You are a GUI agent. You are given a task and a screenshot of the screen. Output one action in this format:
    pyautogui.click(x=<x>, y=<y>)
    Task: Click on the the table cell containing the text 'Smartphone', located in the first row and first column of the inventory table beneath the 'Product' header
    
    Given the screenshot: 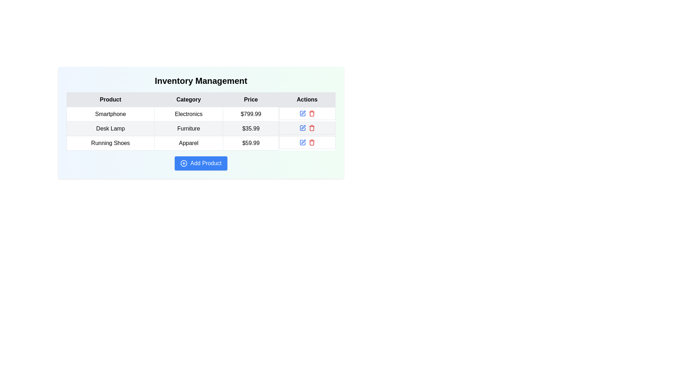 What is the action you would take?
    pyautogui.click(x=110, y=114)
    